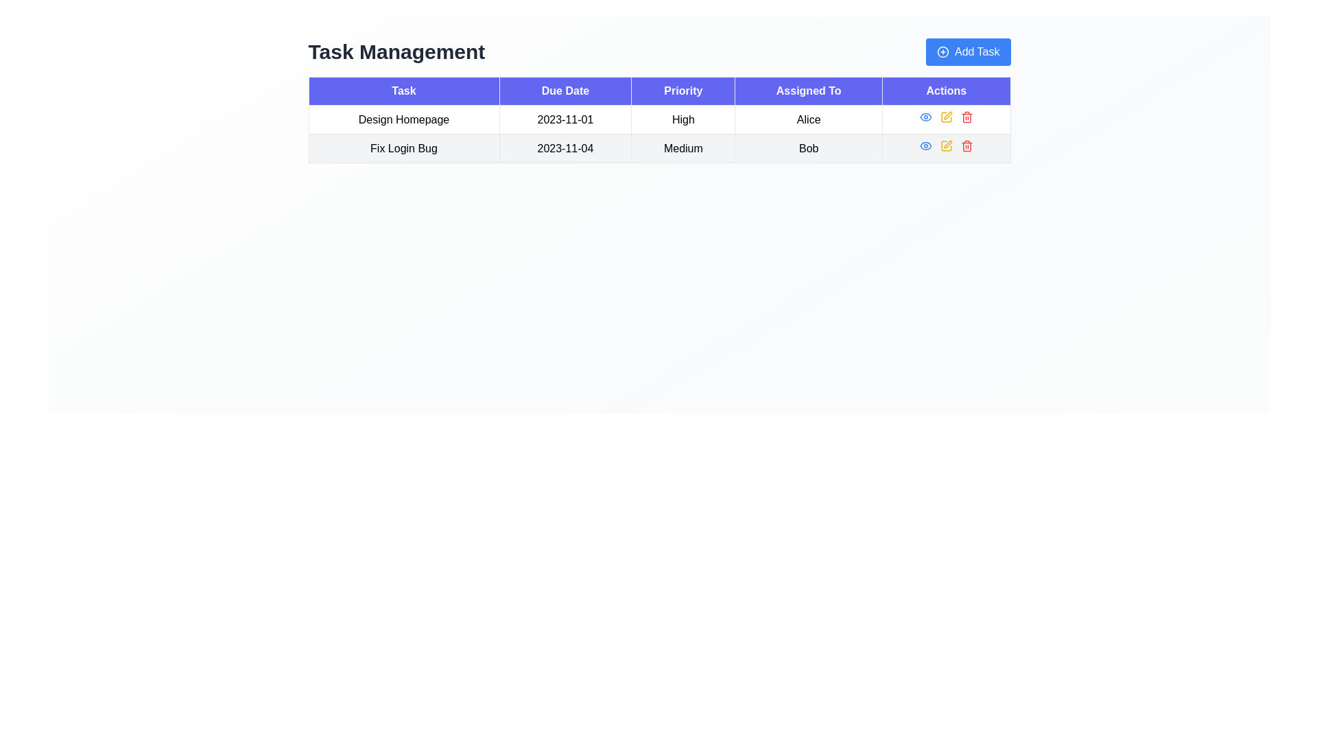  Describe the element at coordinates (966, 145) in the screenshot. I see `the red trash icon in the 'Actions' column of the 'Fix Login Bug' task row` at that location.